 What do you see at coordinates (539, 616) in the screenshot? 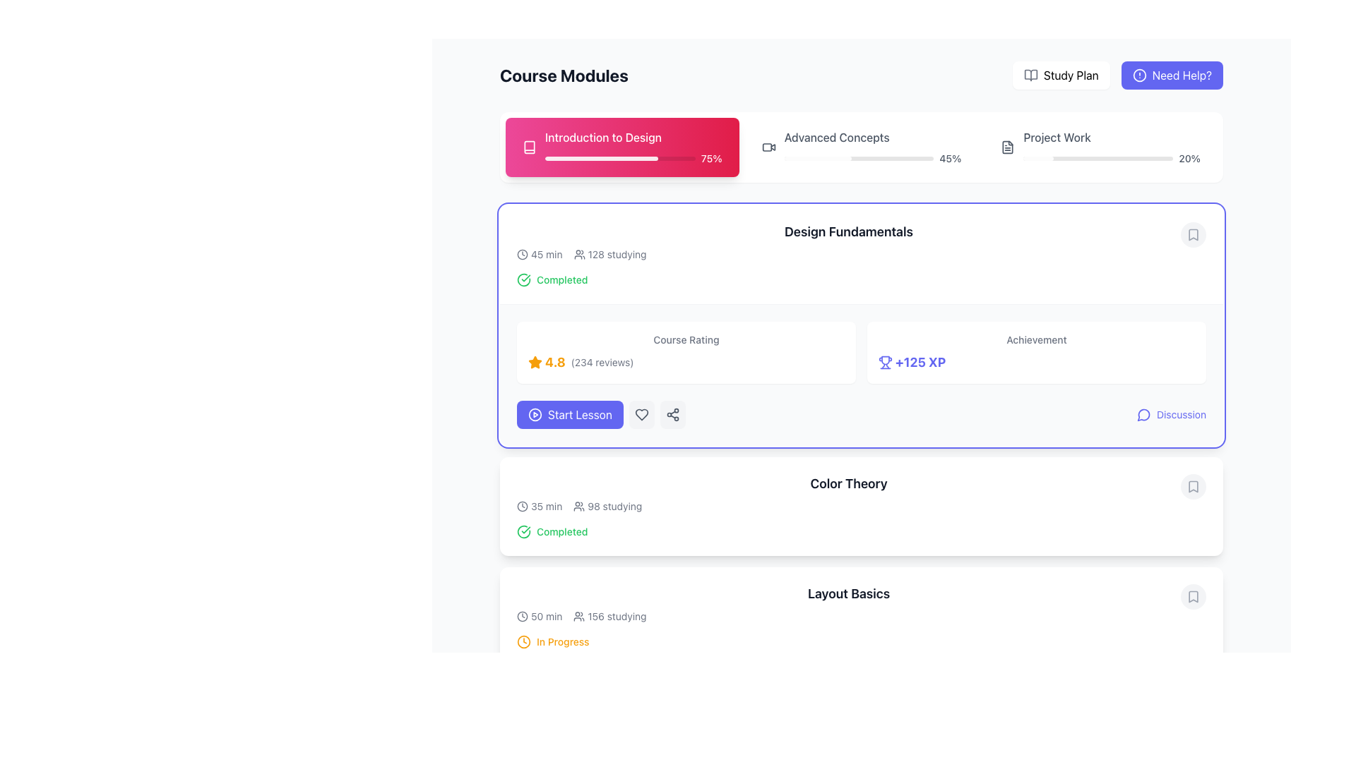
I see `the informational text label displaying '50 minutes' for the 'Layout Basics' course module` at bounding box center [539, 616].